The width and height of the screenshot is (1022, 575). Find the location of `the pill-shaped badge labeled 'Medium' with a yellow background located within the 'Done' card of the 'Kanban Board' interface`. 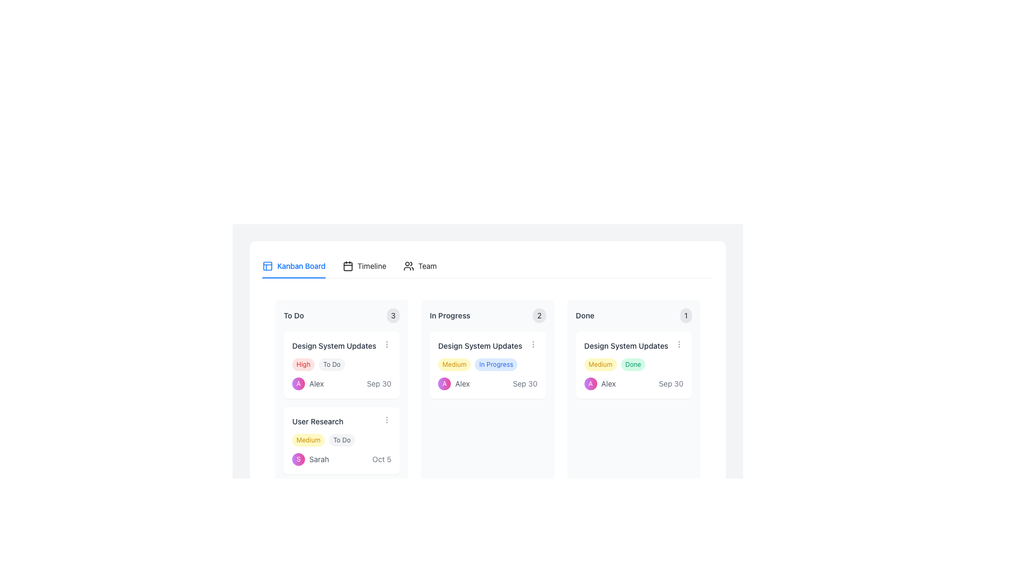

the pill-shaped badge labeled 'Medium' with a yellow background located within the 'Done' card of the 'Kanban Board' interface is located at coordinates (600, 364).